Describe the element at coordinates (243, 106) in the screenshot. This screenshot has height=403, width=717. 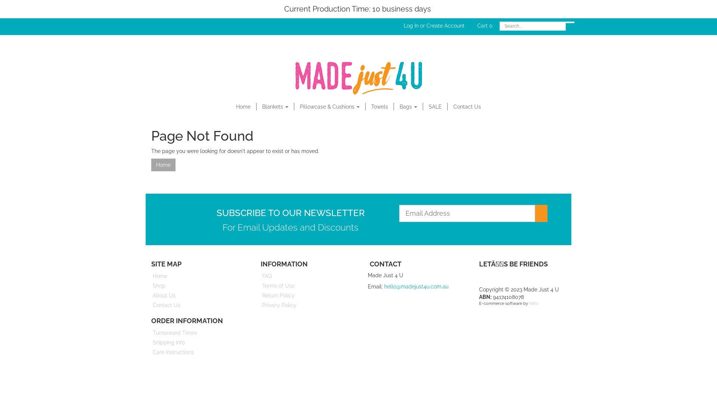
I see `'Home'` at that location.